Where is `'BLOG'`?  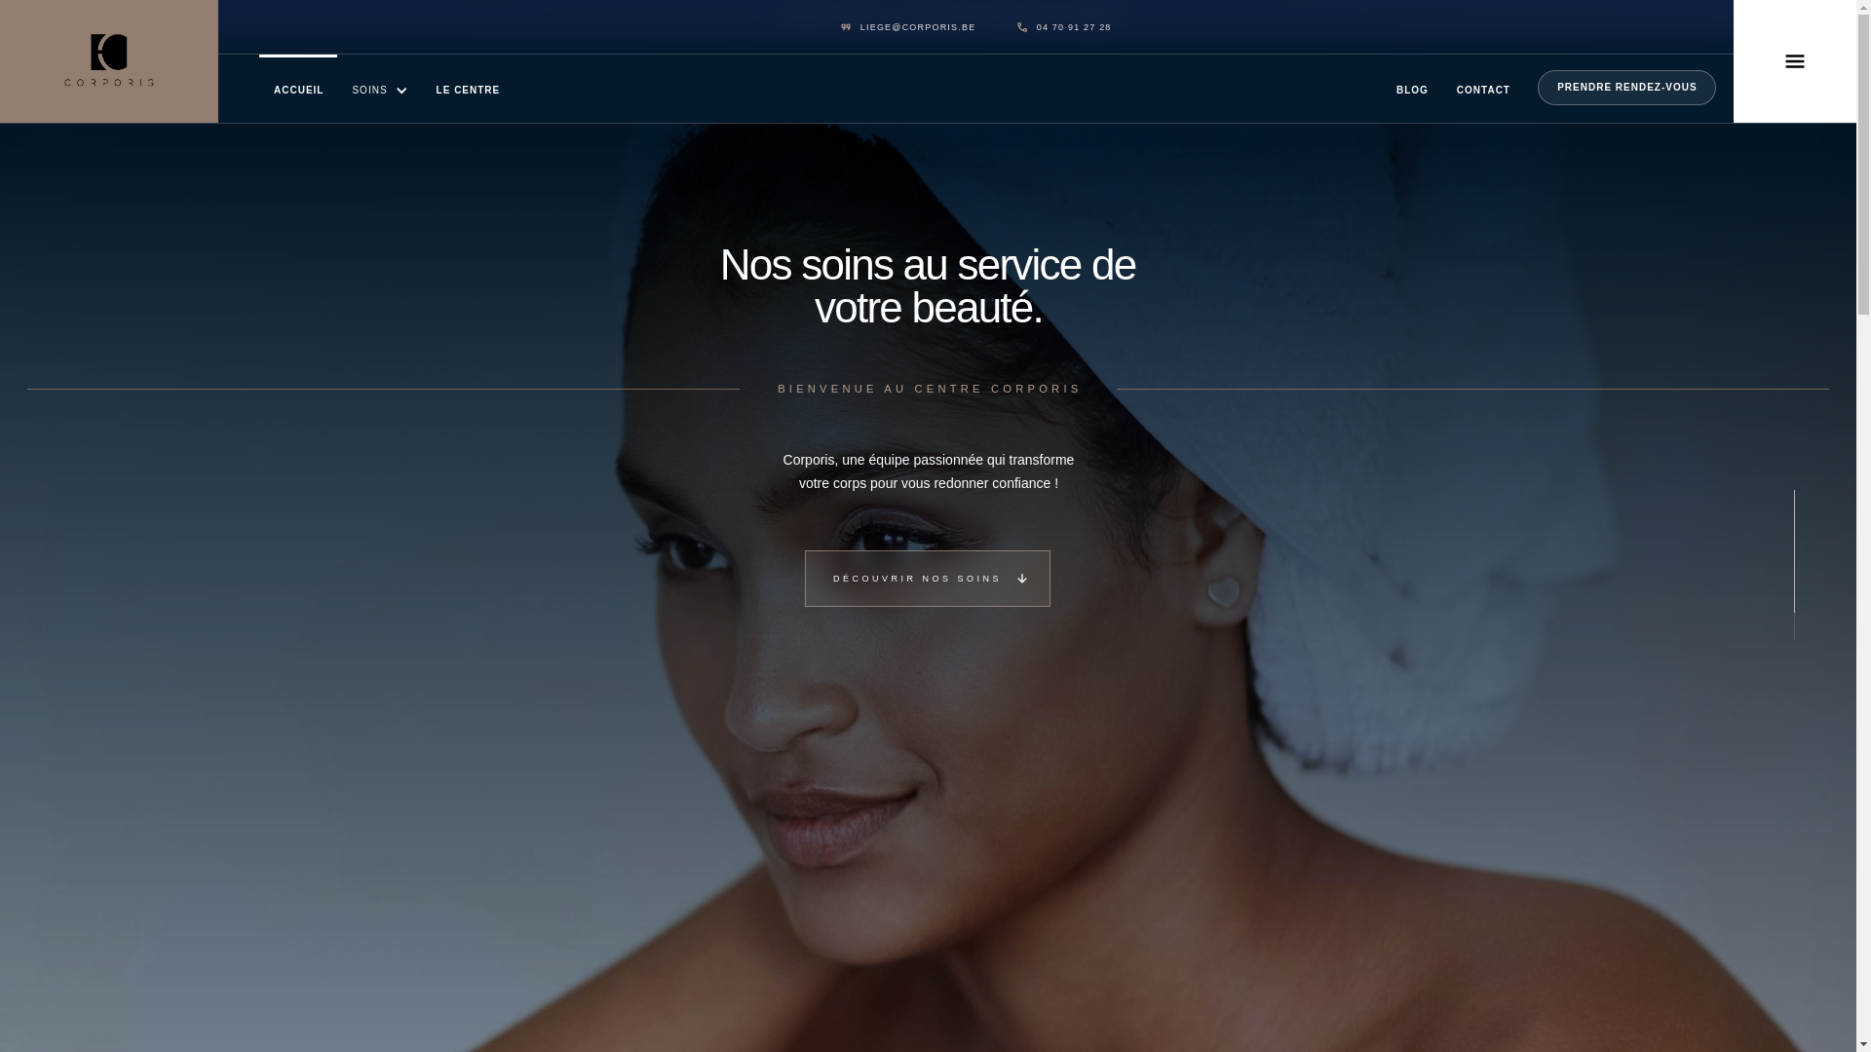 'BLOG' is located at coordinates (1412, 89).